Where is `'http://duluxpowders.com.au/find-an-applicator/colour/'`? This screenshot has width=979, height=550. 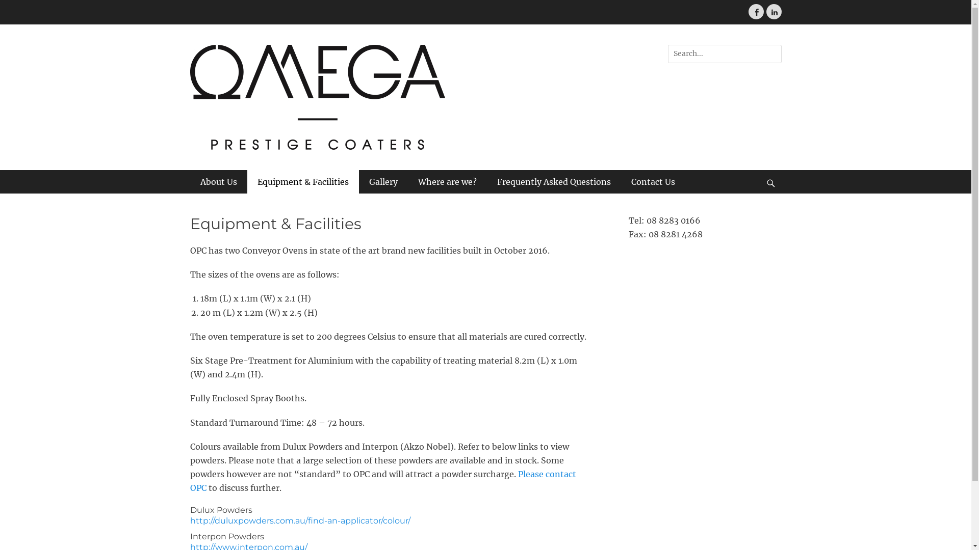
'http://duluxpowders.com.au/find-an-applicator/colour/' is located at coordinates (299, 520).